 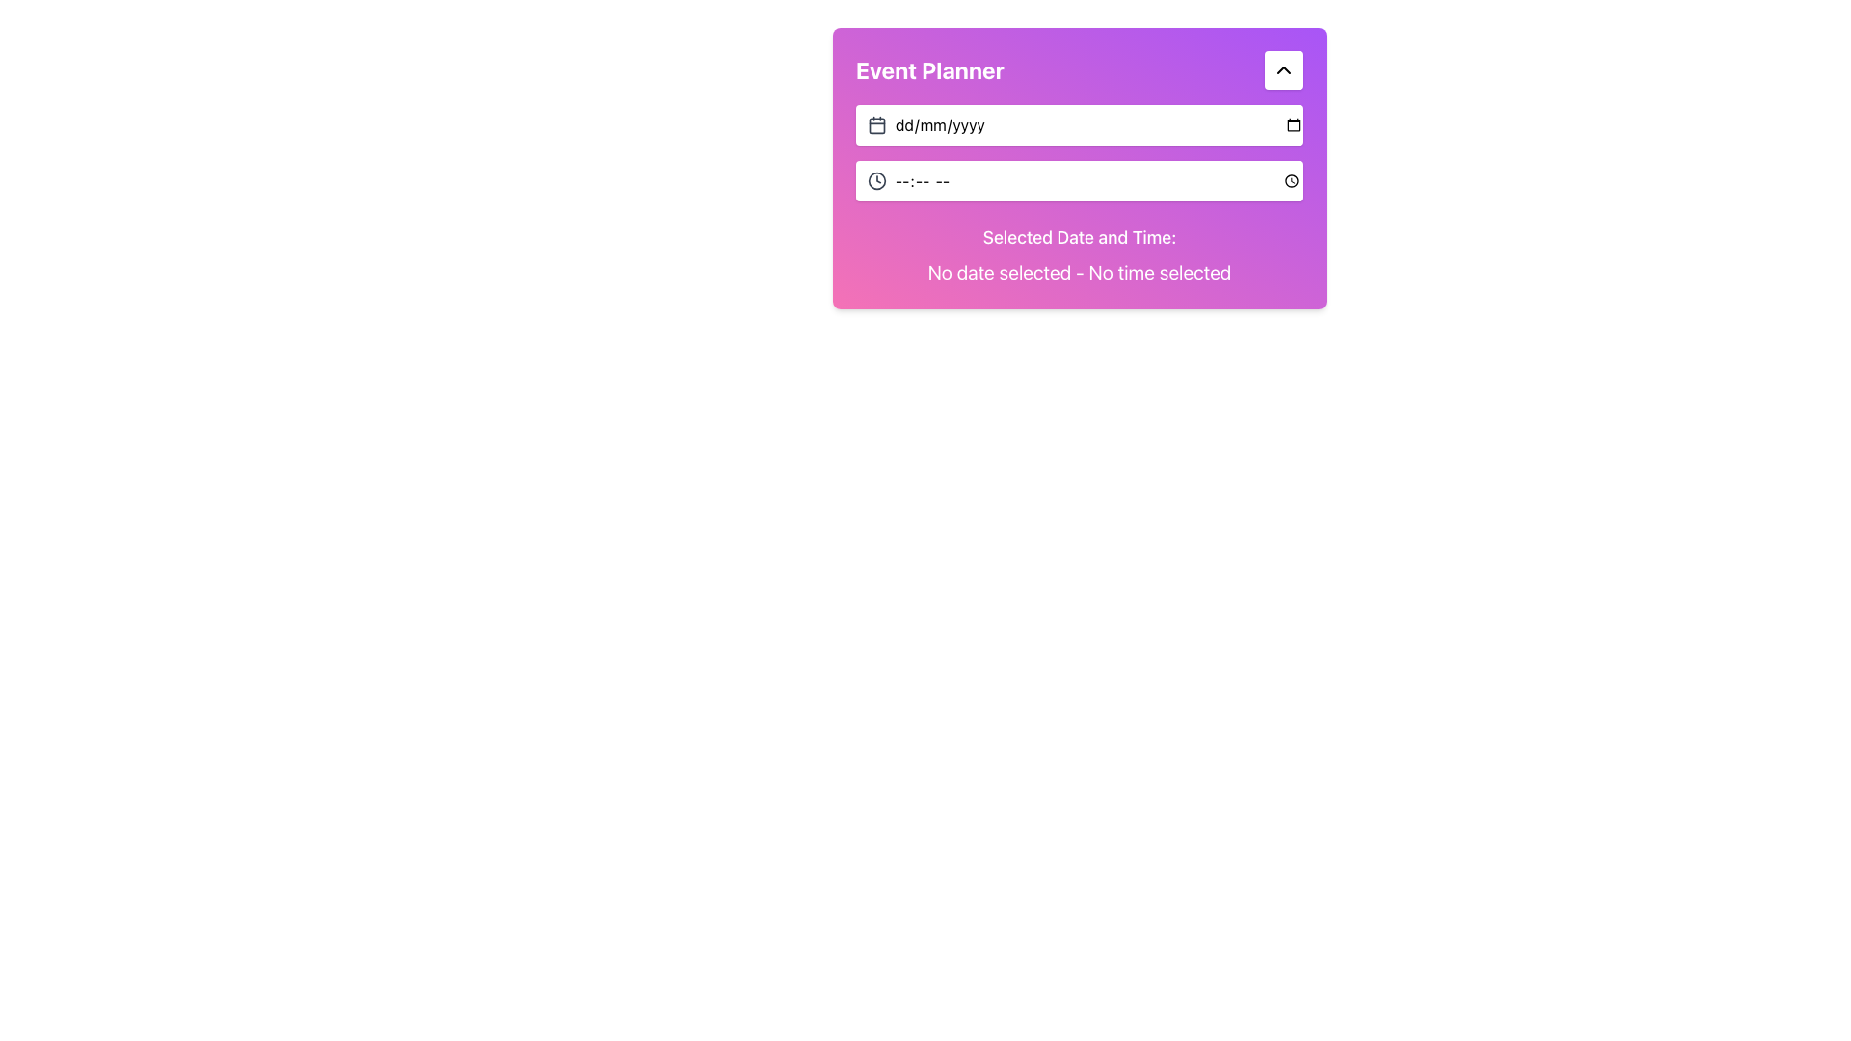 What do you see at coordinates (876, 181) in the screenshot?
I see `the circular part of the clock icon located to the left of the time input field in the Event Planner card` at bounding box center [876, 181].